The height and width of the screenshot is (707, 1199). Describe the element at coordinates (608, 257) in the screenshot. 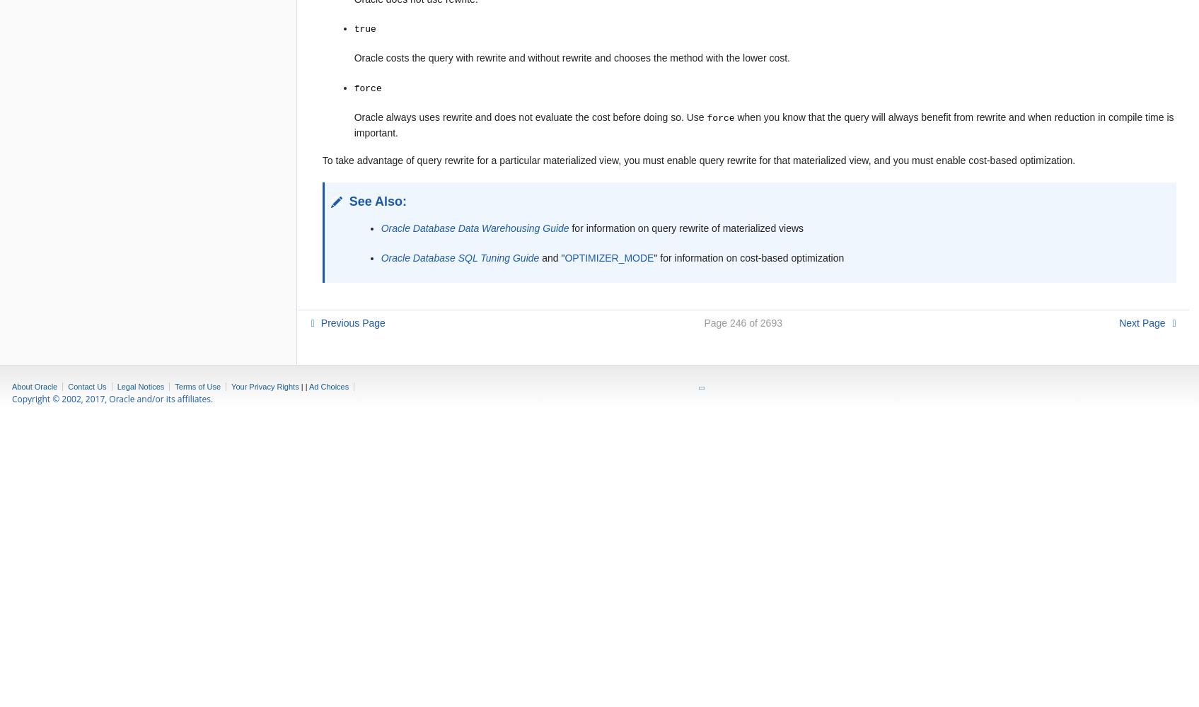

I see `'OPTIMIZER_MODE'` at that location.